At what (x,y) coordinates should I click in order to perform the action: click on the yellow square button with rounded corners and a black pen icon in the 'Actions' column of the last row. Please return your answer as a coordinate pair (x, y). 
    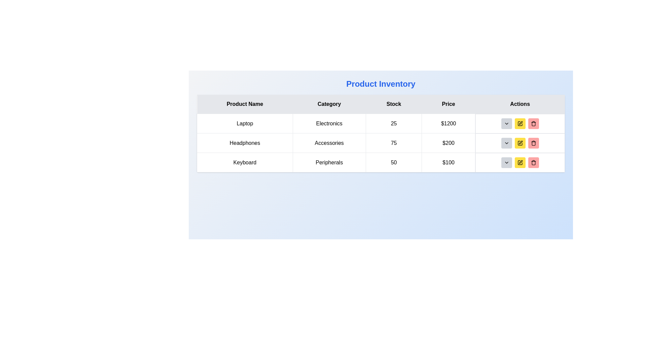
    Looking at the image, I should click on (519, 162).